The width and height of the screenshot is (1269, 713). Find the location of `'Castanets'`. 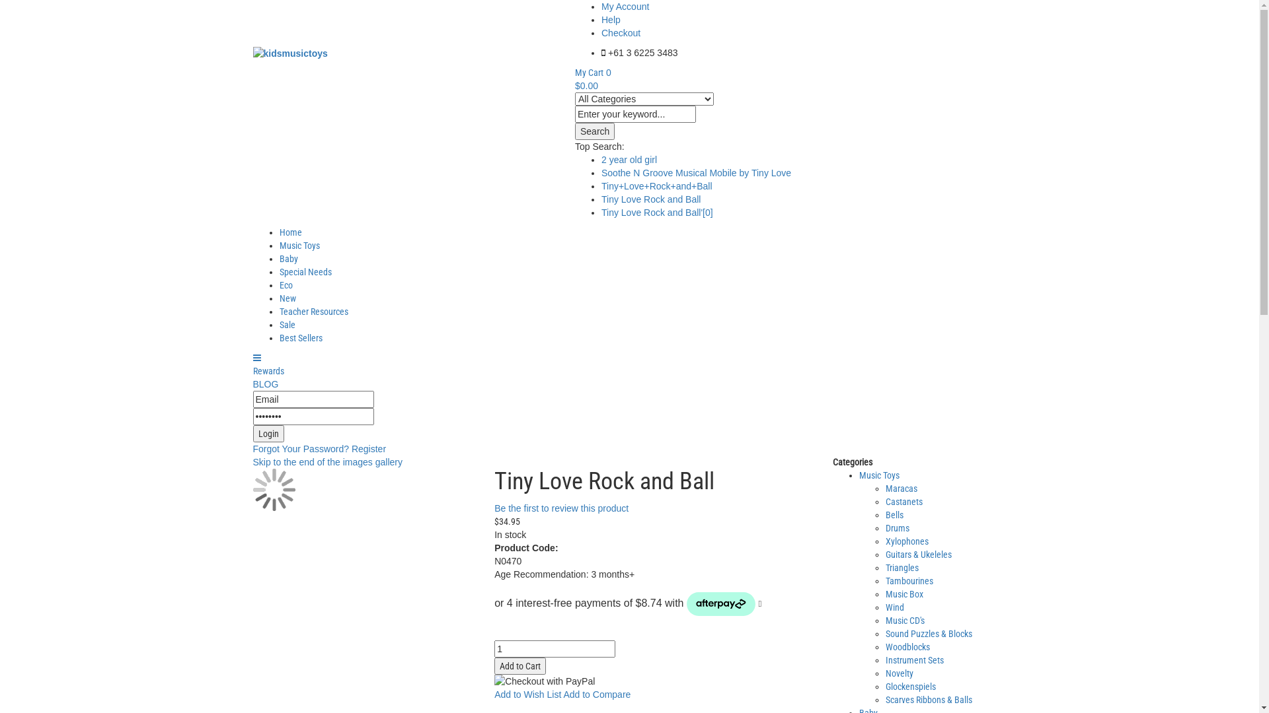

'Castanets' is located at coordinates (904, 501).